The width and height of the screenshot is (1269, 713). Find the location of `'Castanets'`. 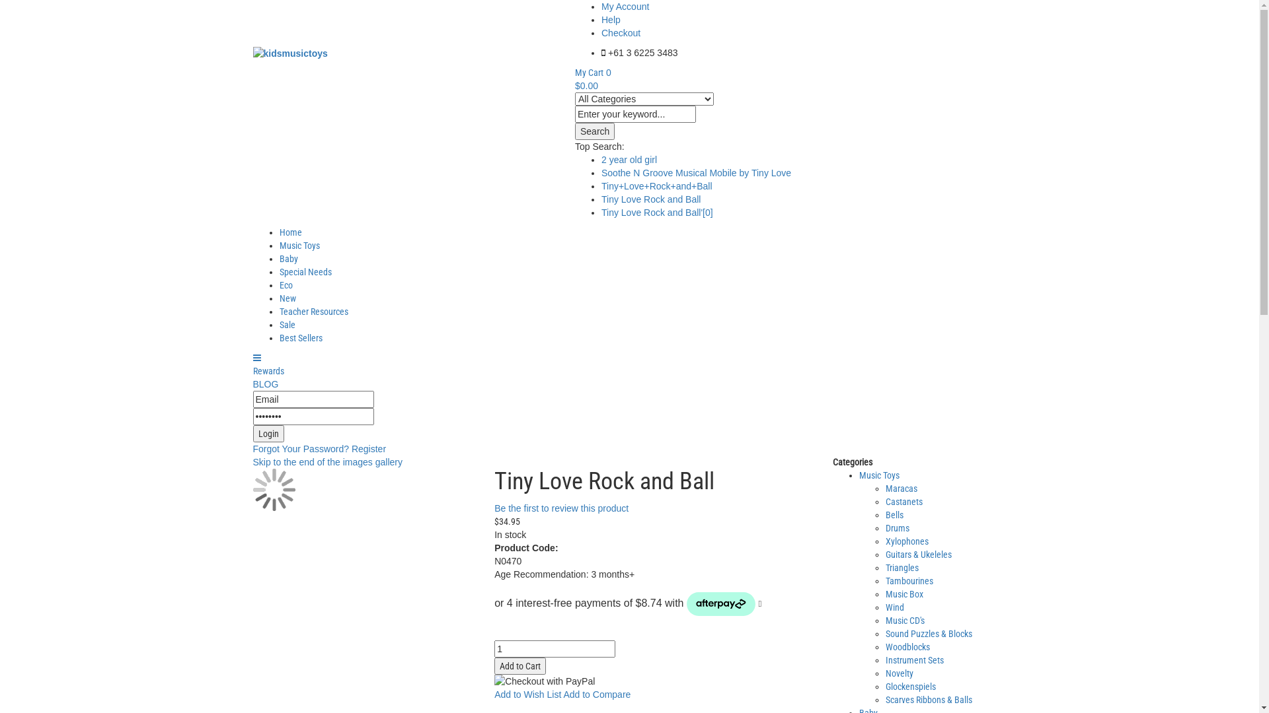

'Castanets' is located at coordinates (904, 501).